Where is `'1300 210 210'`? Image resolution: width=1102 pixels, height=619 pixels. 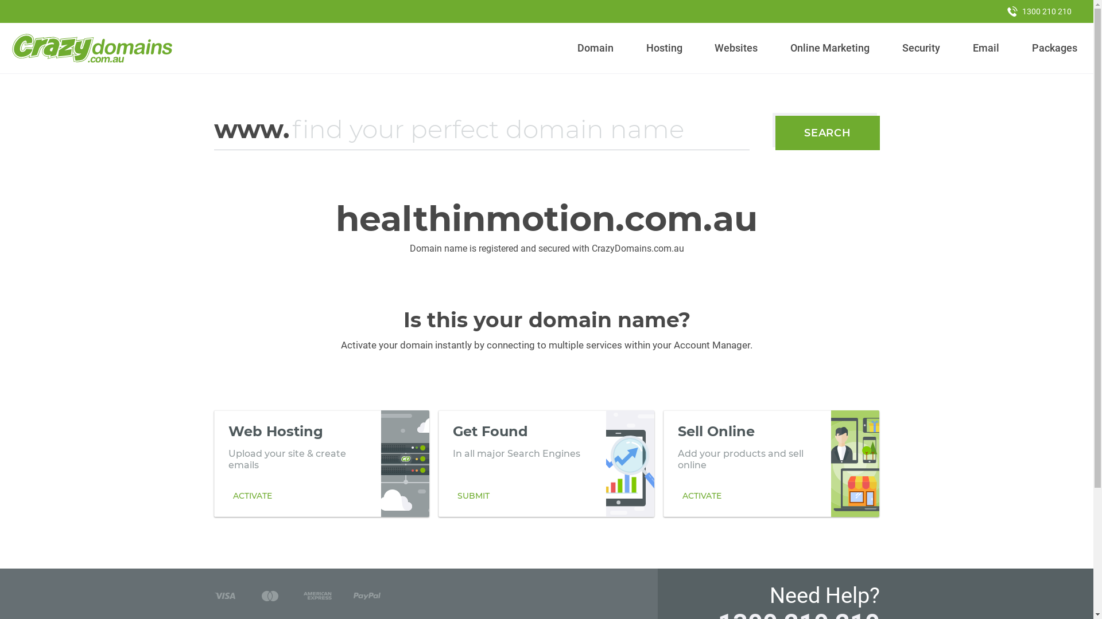
'1300 210 210' is located at coordinates (996, 11).